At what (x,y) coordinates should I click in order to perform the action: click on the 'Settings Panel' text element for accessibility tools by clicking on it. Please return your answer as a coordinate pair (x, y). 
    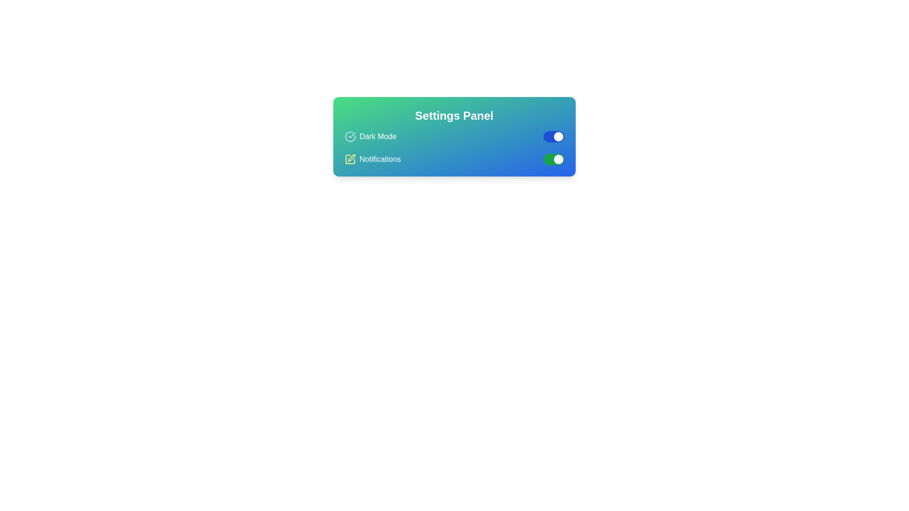
    Looking at the image, I should click on (454, 137).